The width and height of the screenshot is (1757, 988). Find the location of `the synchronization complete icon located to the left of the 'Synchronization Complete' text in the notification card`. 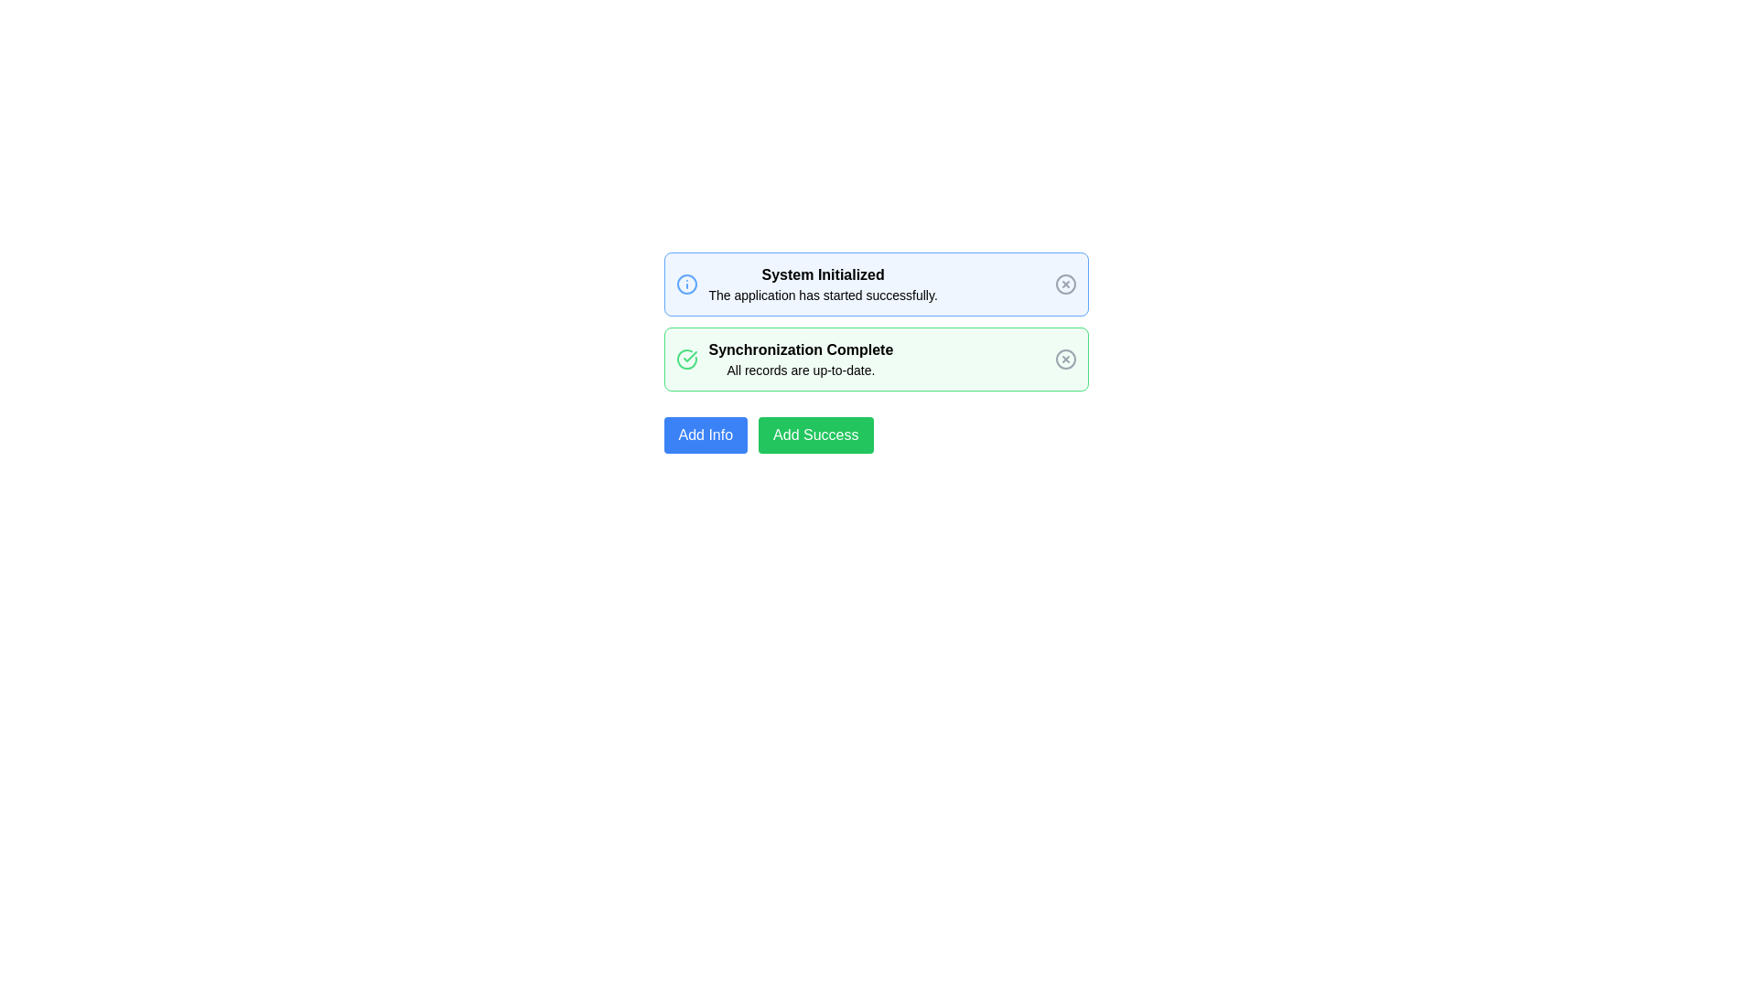

the synchronization complete icon located to the left of the 'Synchronization Complete' text in the notification card is located at coordinates (685, 360).